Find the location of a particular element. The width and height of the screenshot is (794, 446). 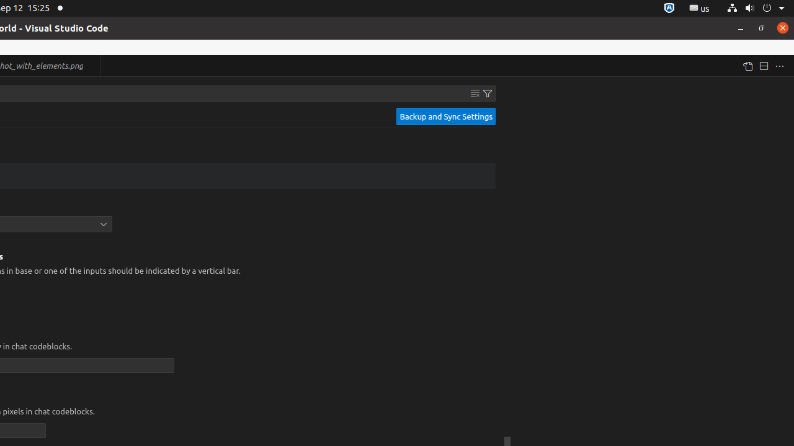

'Open Settings (JSON)' is located at coordinates (746, 66).